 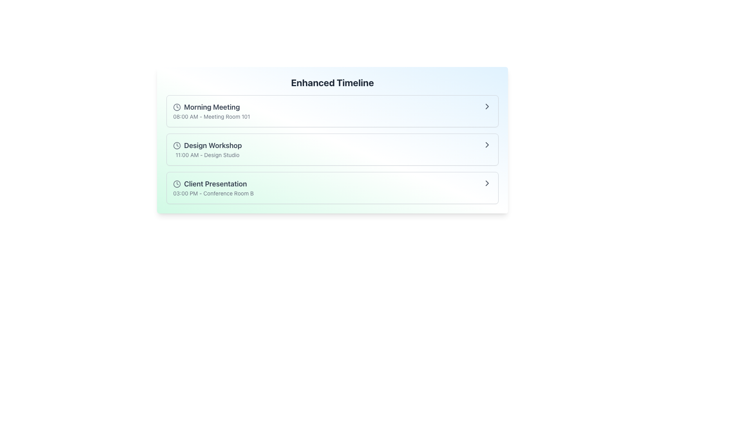 What do you see at coordinates (207, 145) in the screenshot?
I see `title of the scheduled event, which is a design workshop, displayed in the second entry of the timeline interface, positioned to the left of a clock icon` at bounding box center [207, 145].